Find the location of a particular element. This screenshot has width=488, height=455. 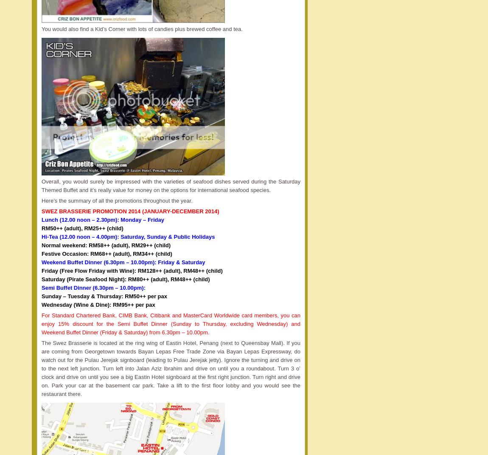

'Normal weekend: RM58++ (adult), RM29++ (child)' is located at coordinates (106, 245).